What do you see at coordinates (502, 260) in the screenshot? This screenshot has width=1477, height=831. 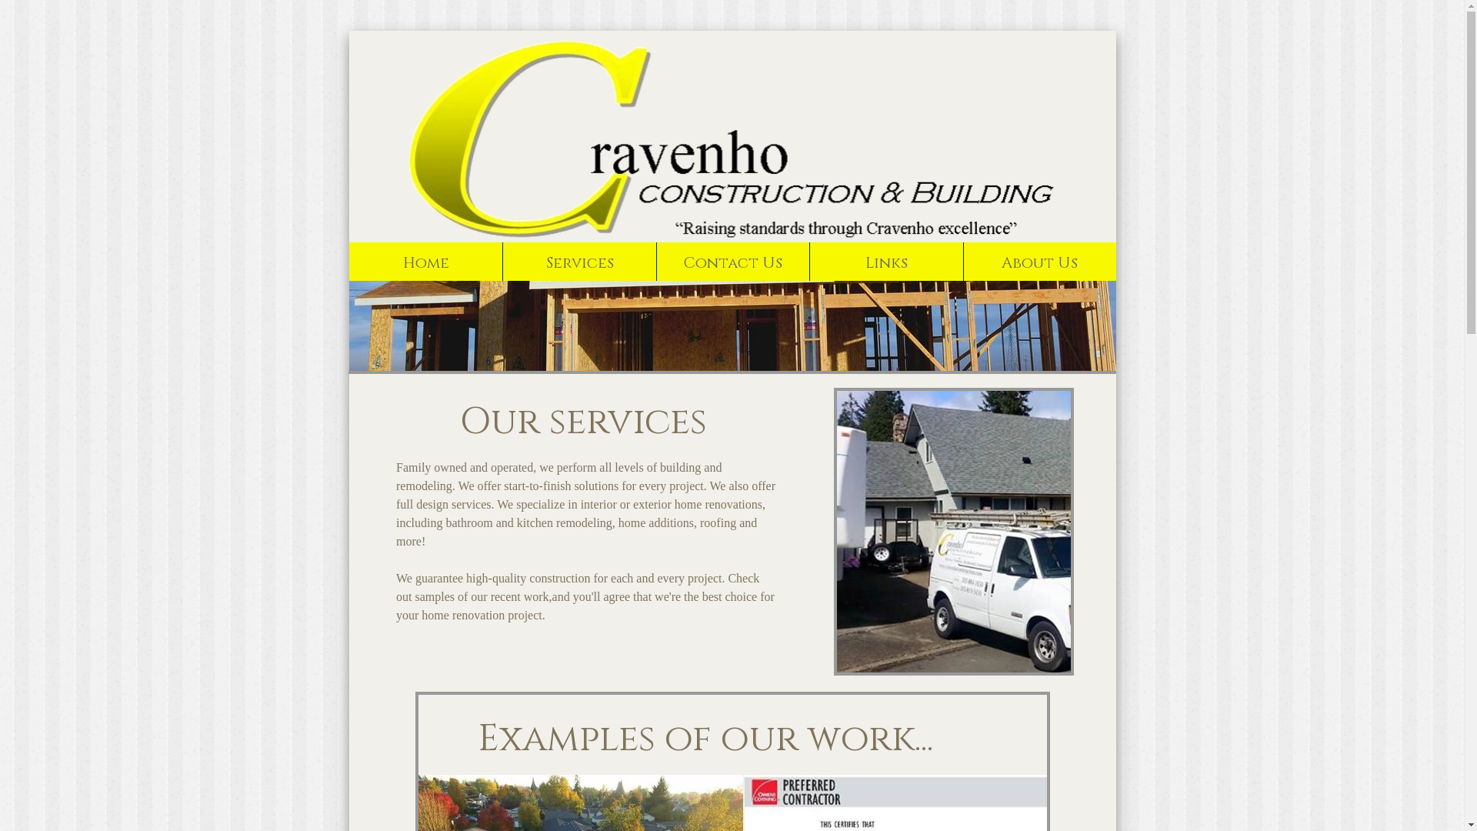 I see `'Services'` at bounding box center [502, 260].